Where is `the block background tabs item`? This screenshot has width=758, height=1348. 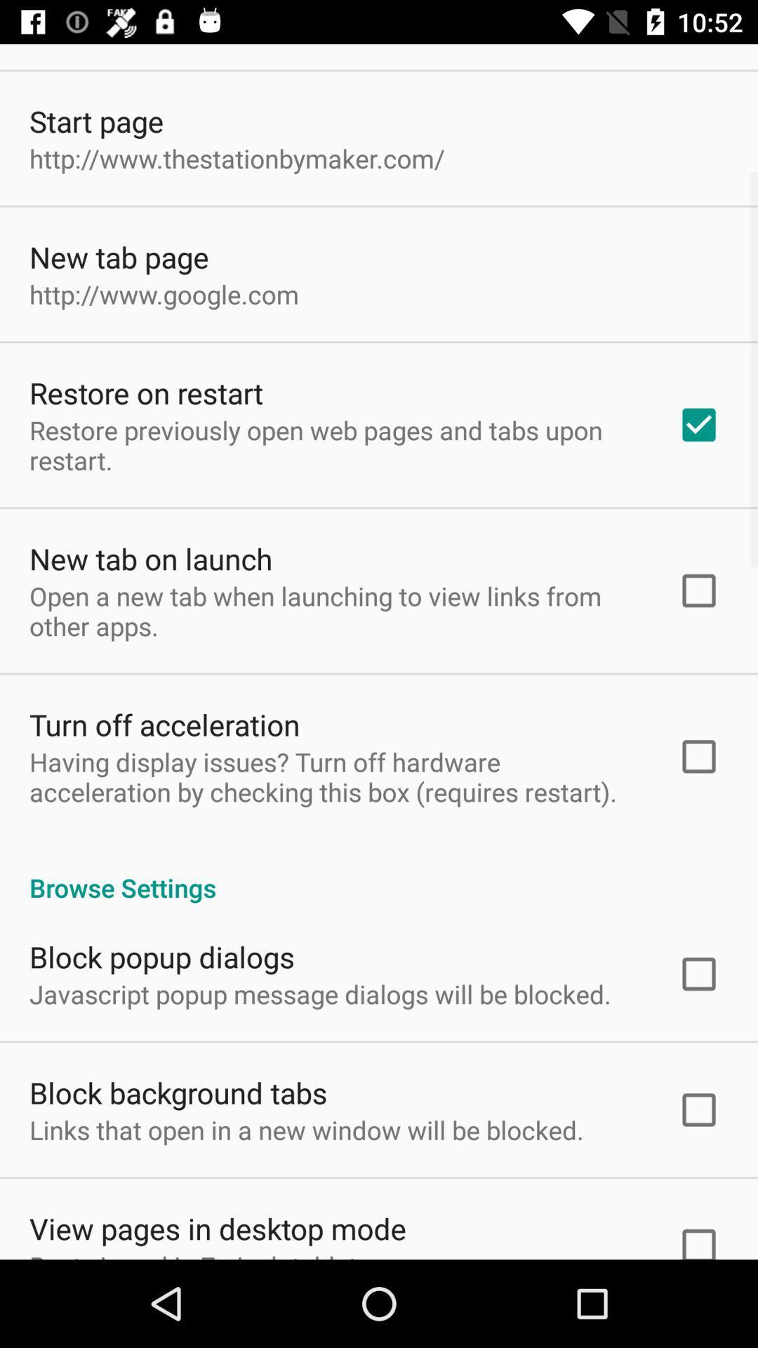 the block background tabs item is located at coordinates (178, 1092).